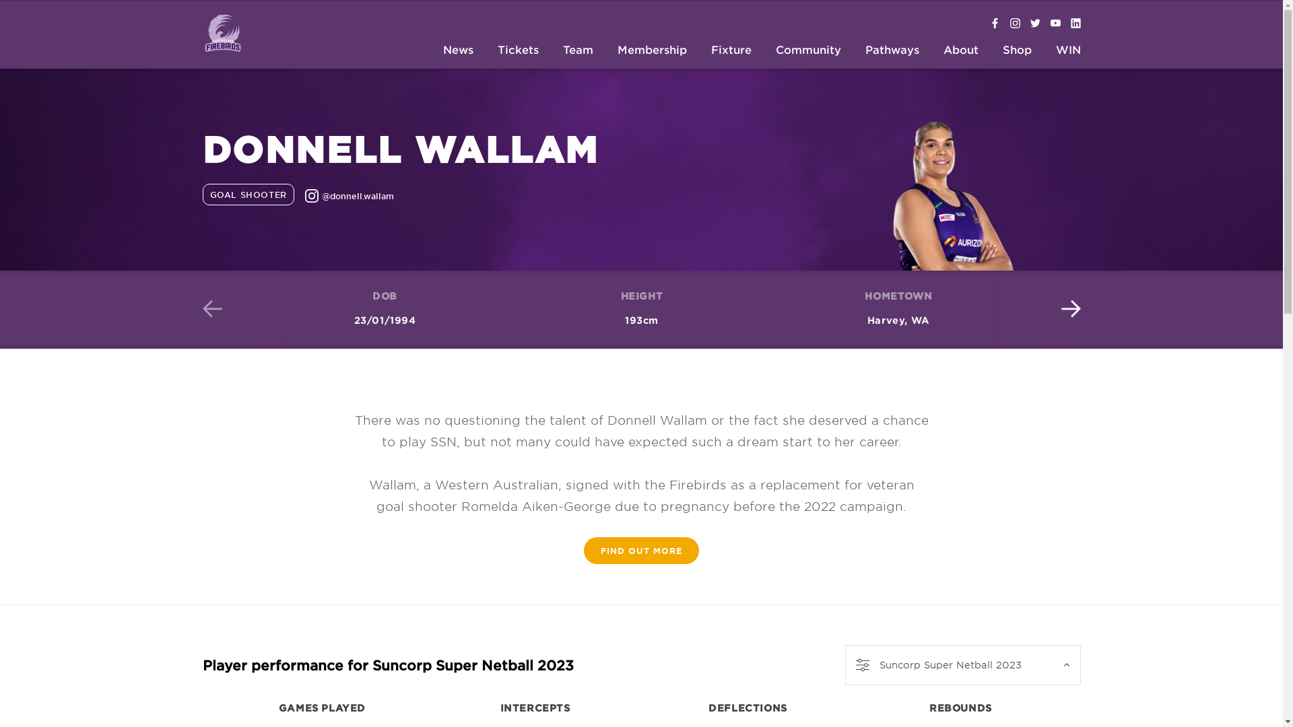 This screenshot has height=727, width=1293. What do you see at coordinates (892, 50) in the screenshot?
I see `'Pathways'` at bounding box center [892, 50].